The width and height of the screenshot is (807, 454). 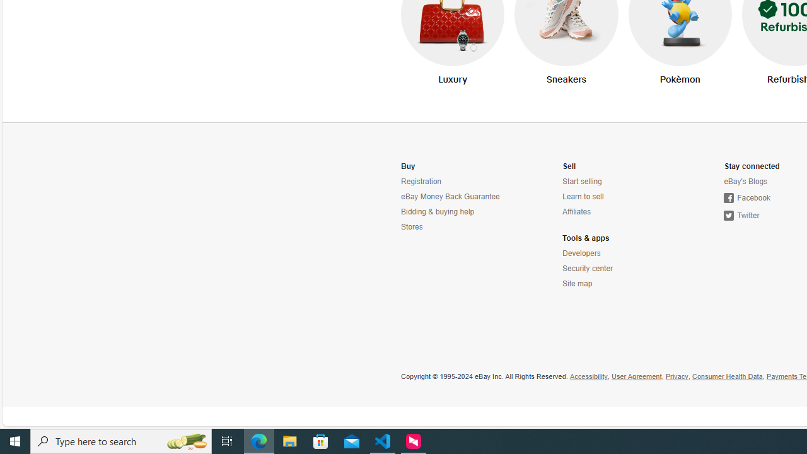 What do you see at coordinates (746, 182) in the screenshot?
I see `'eBay'` at bounding box center [746, 182].